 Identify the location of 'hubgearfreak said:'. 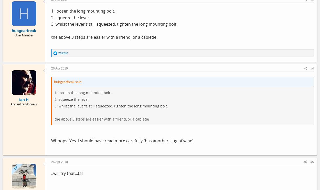
(68, 81).